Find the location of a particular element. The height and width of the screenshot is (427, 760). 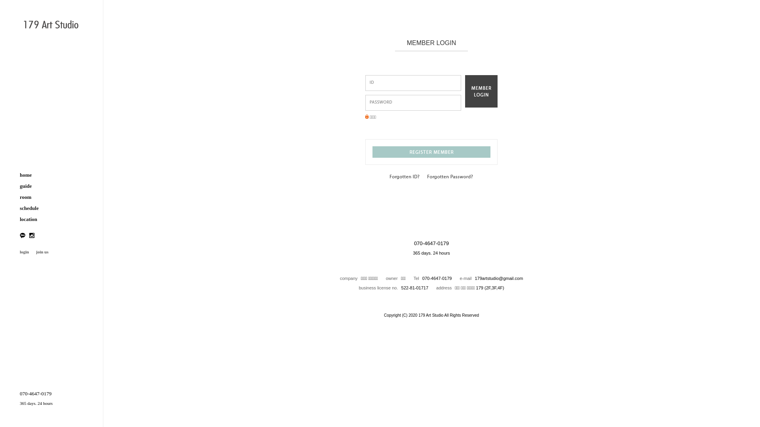

'login' is located at coordinates (24, 251).